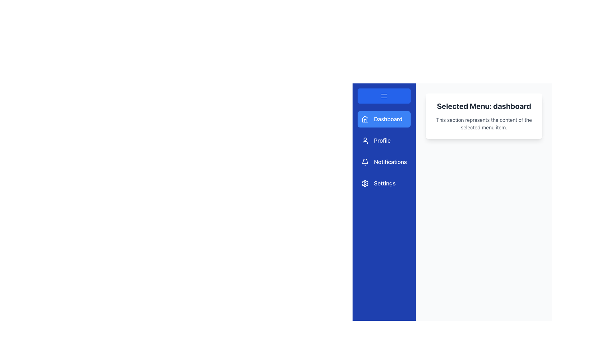 Image resolution: width=606 pixels, height=340 pixels. Describe the element at coordinates (384, 183) in the screenshot. I see `the 'Settings' navigation menu item` at that location.